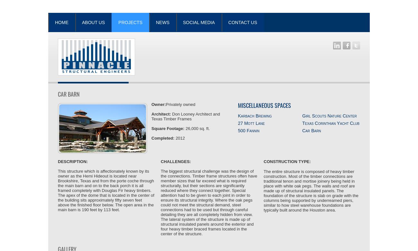  Describe the element at coordinates (286, 161) in the screenshot. I see `'CONSTRUCTION TYPE:'` at that location.